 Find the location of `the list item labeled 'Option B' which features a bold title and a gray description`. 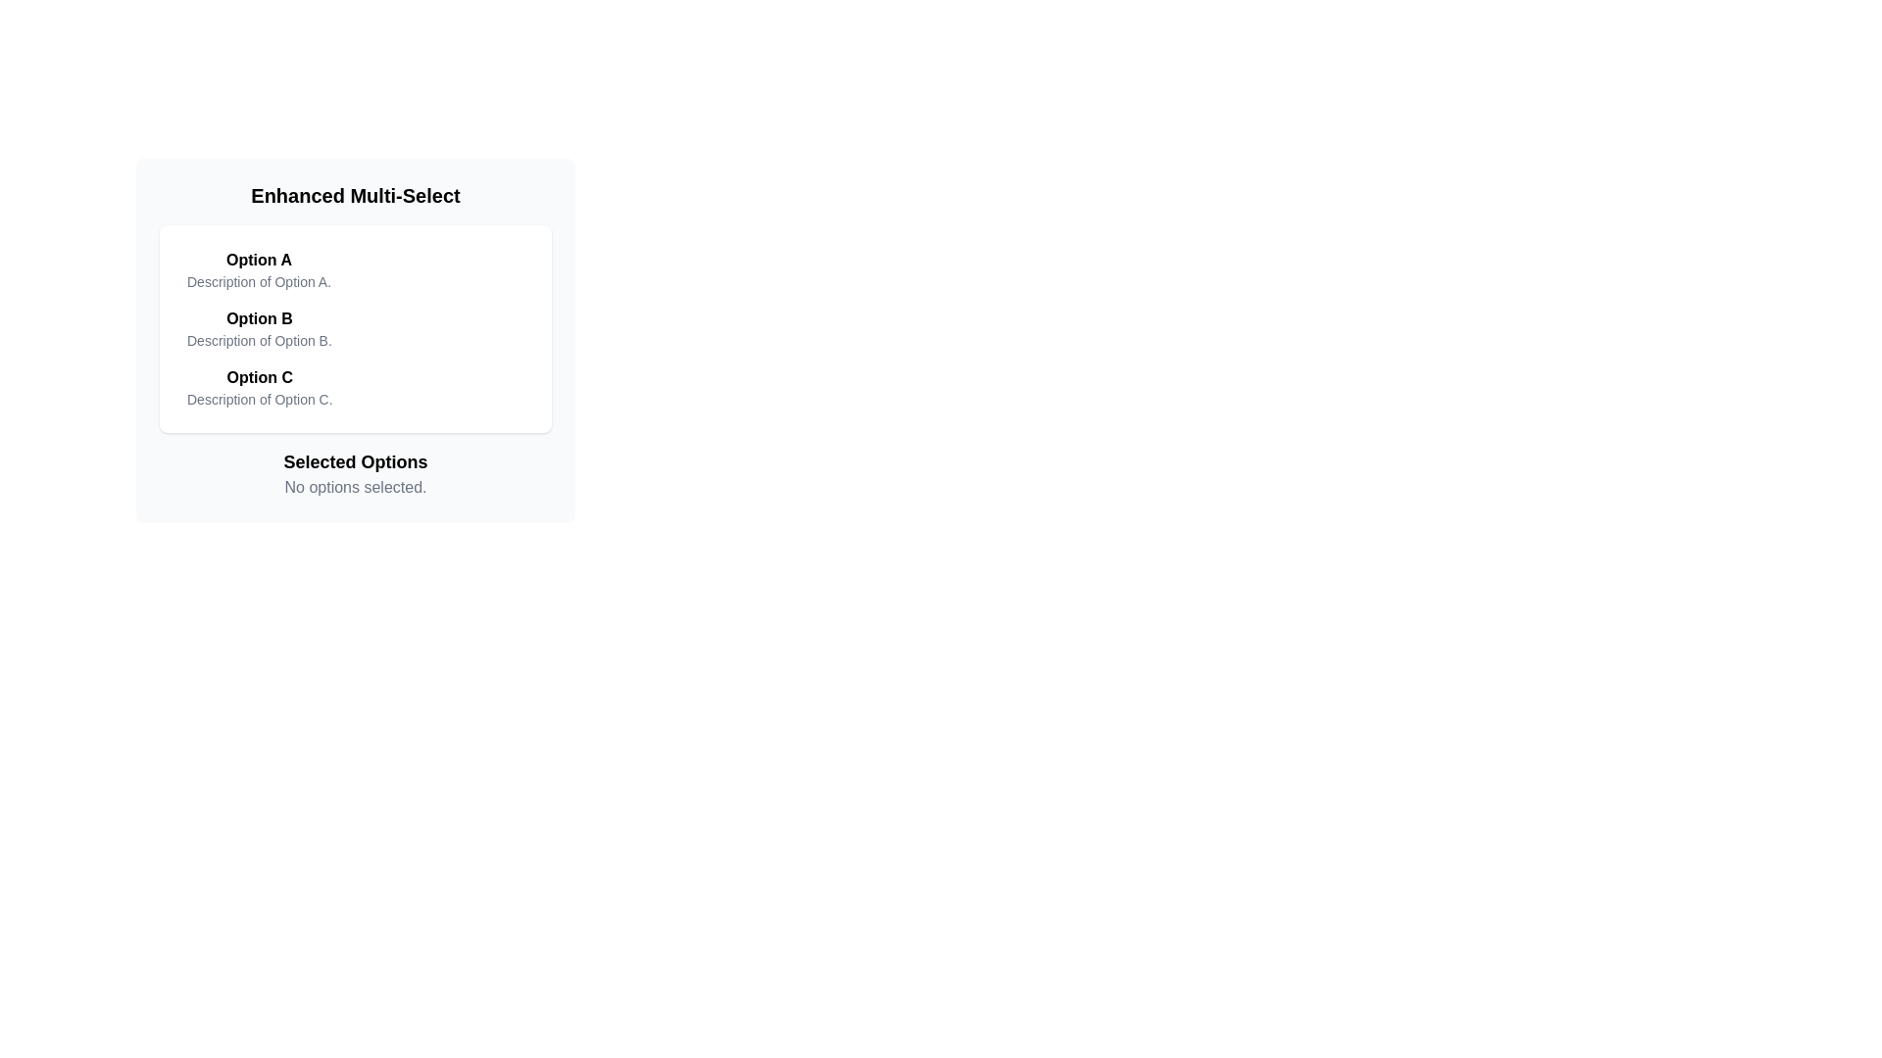

the list item labeled 'Option B' which features a bold title and a gray description is located at coordinates (356, 327).